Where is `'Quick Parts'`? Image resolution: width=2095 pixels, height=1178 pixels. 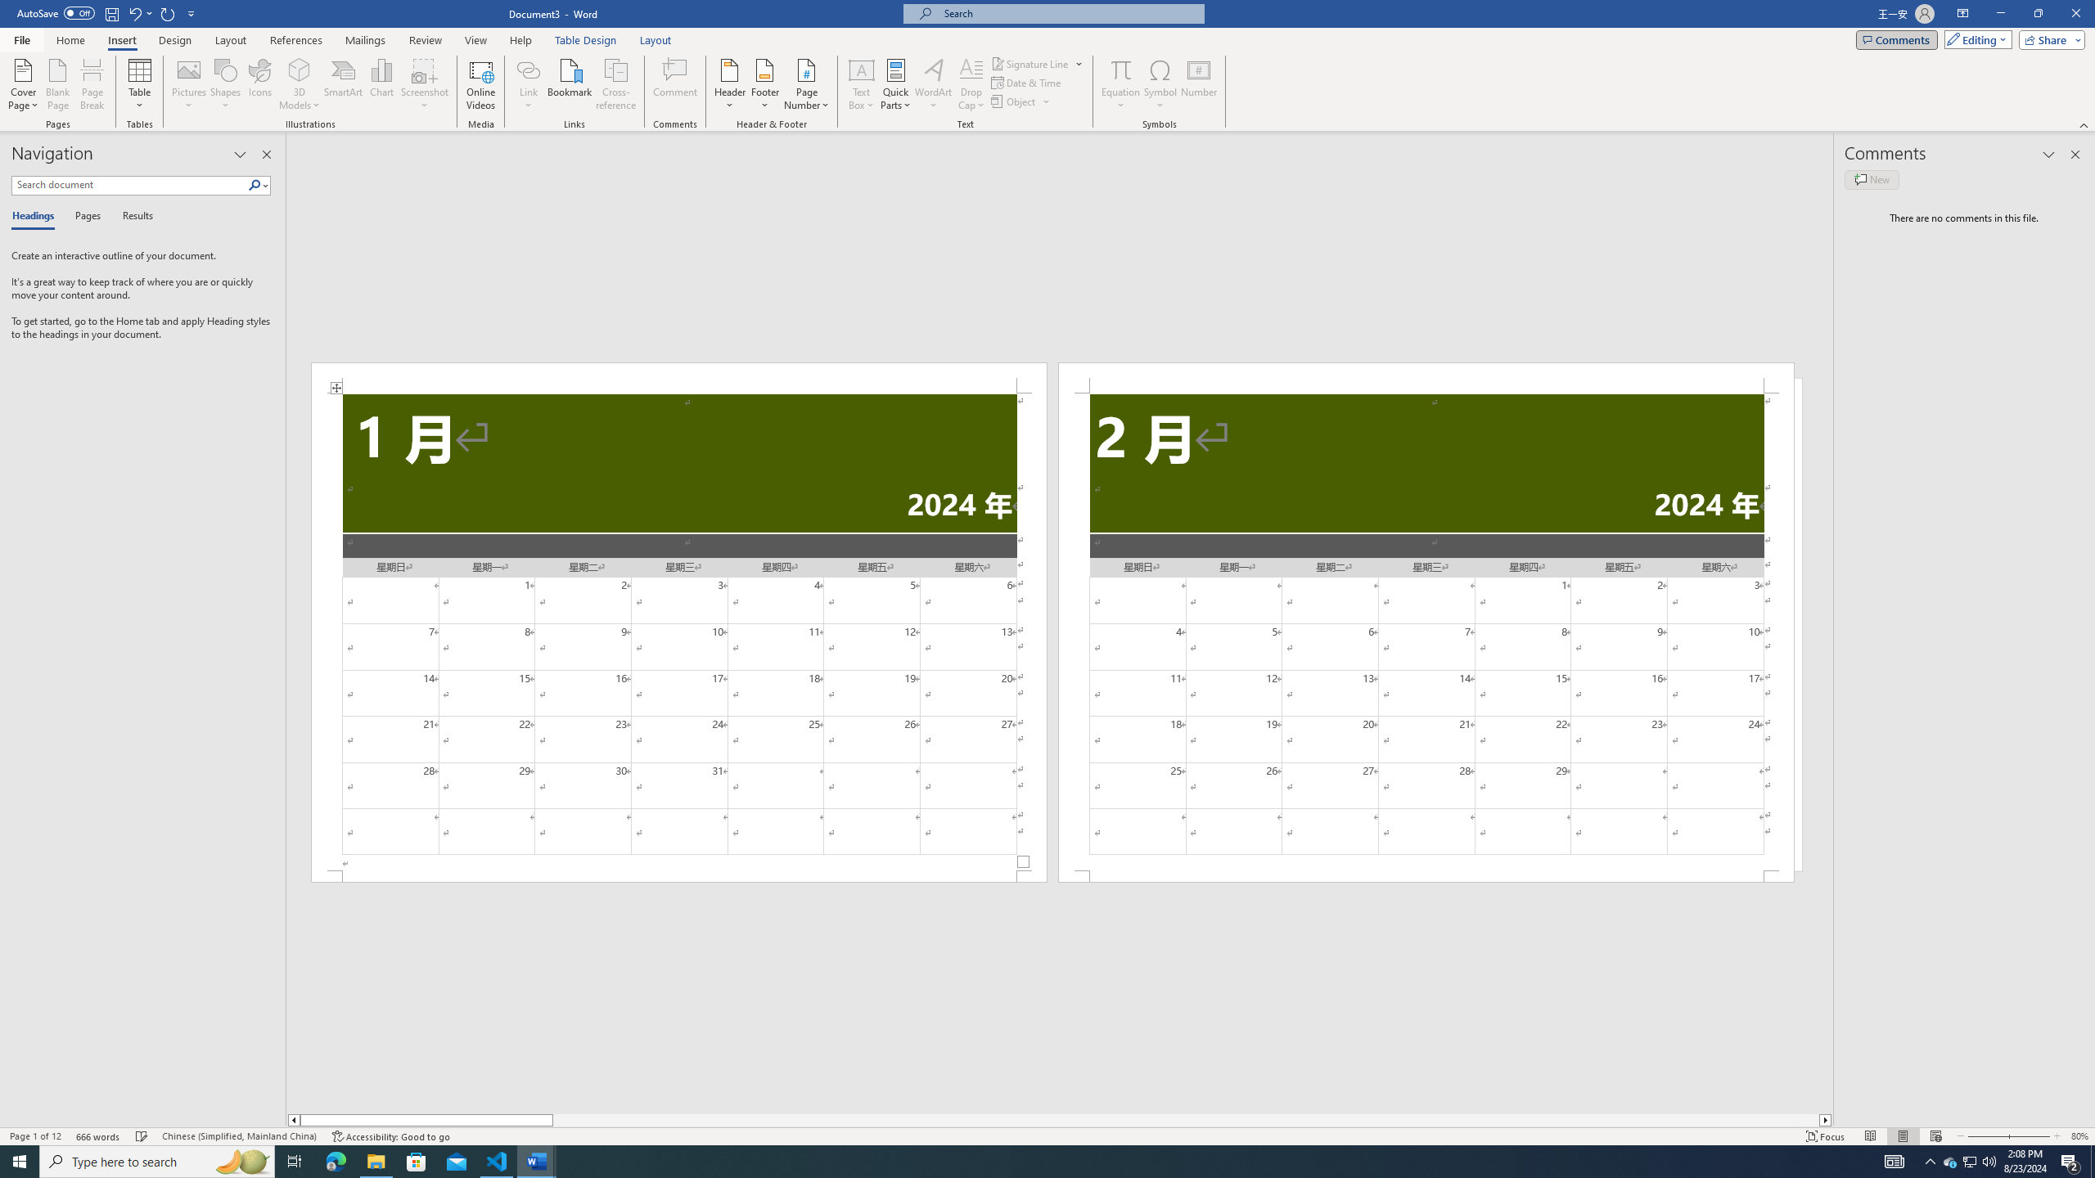 'Quick Parts' is located at coordinates (895, 84).